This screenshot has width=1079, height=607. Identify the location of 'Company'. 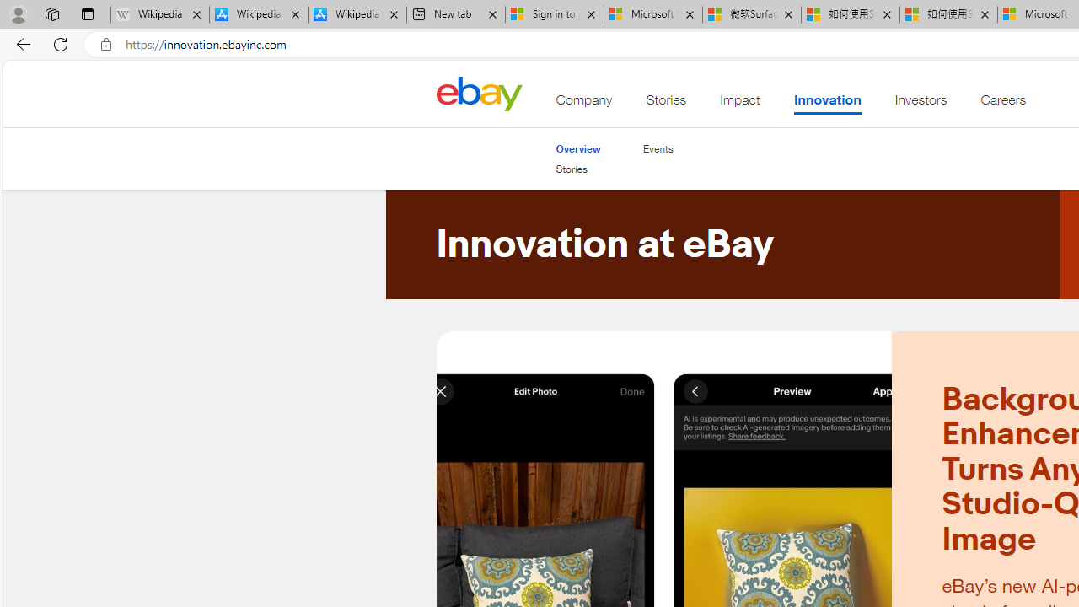
(584, 104).